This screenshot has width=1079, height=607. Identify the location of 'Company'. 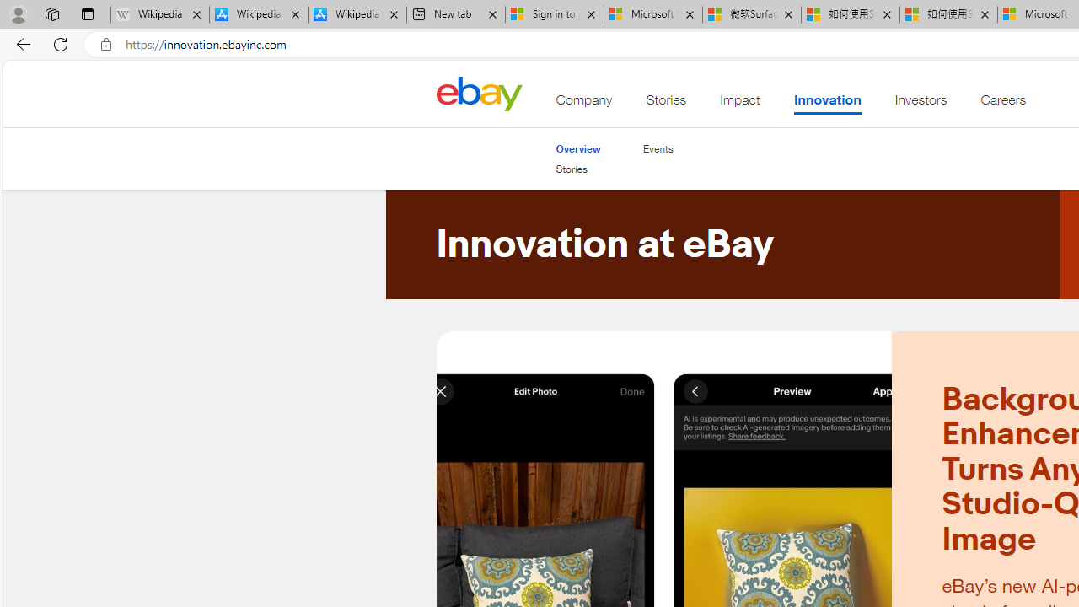
(584, 104).